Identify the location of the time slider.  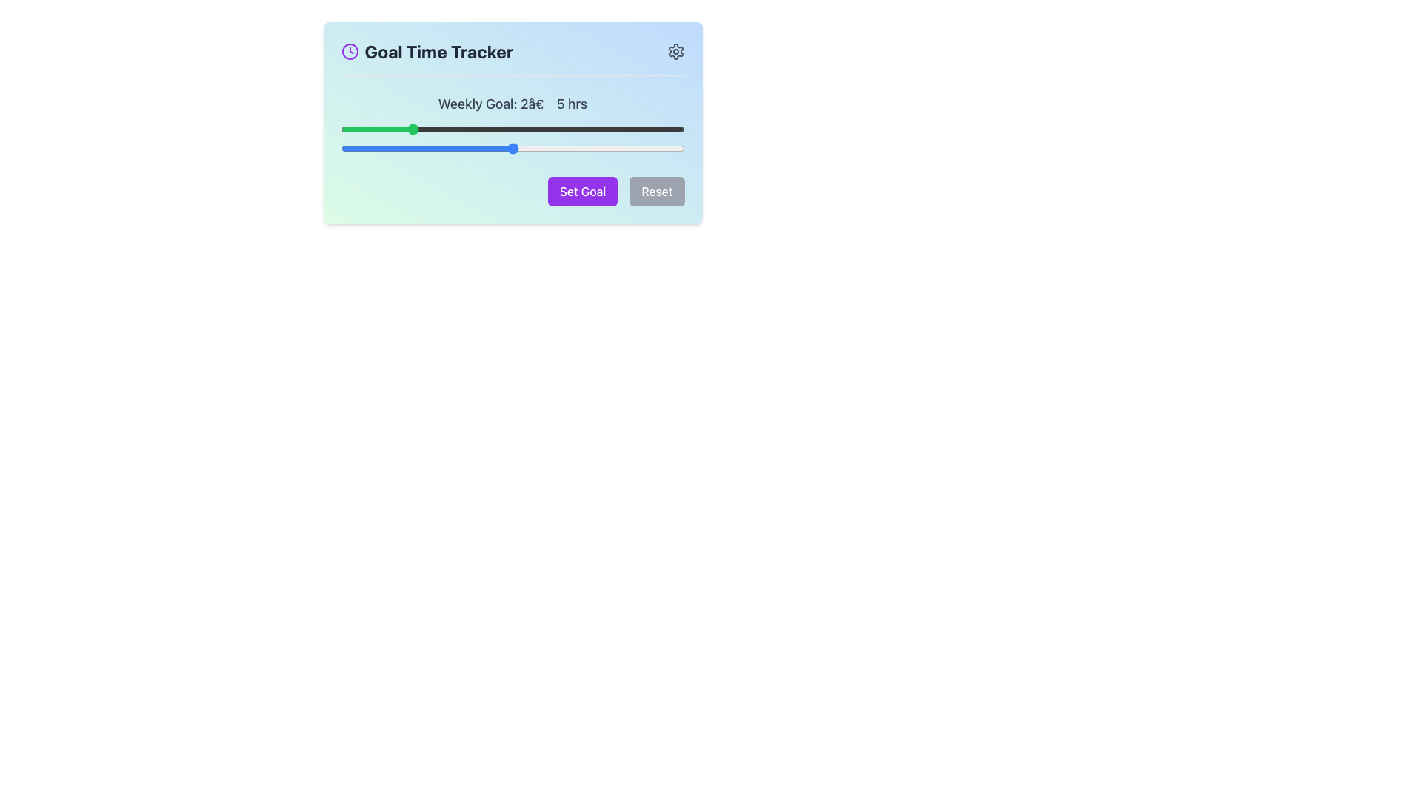
(615, 128).